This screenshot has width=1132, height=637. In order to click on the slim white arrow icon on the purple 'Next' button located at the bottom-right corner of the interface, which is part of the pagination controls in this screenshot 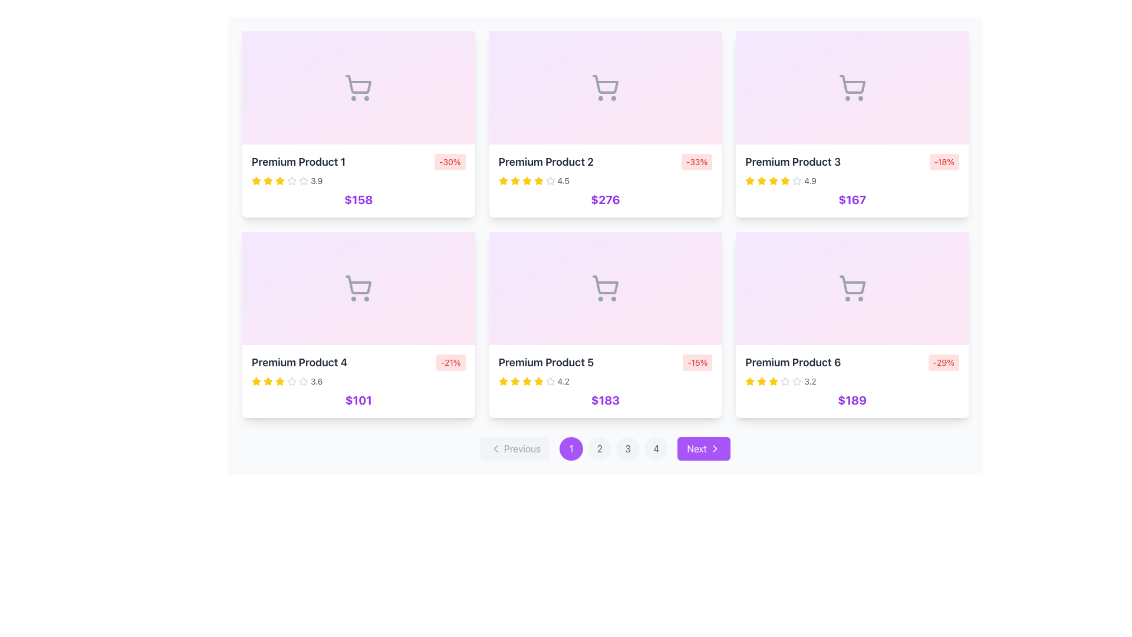, I will do `click(715, 448)`.